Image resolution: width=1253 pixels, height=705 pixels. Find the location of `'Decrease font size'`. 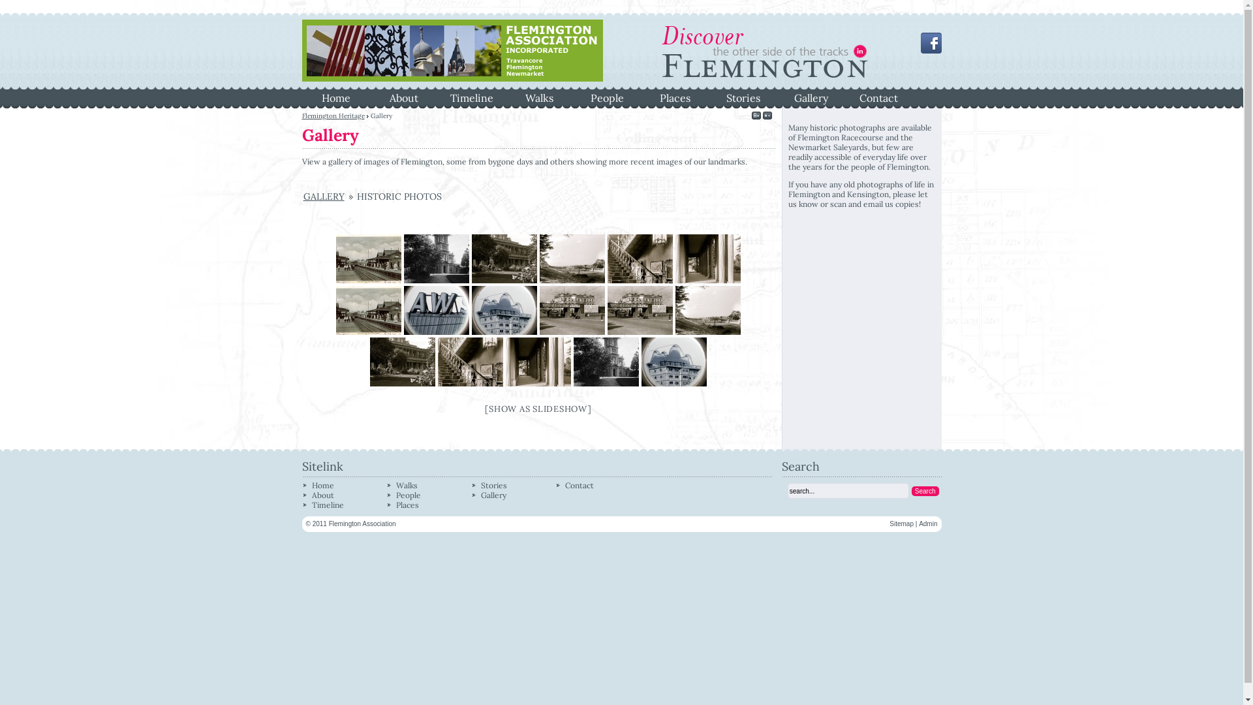

'Decrease font size' is located at coordinates (767, 116).